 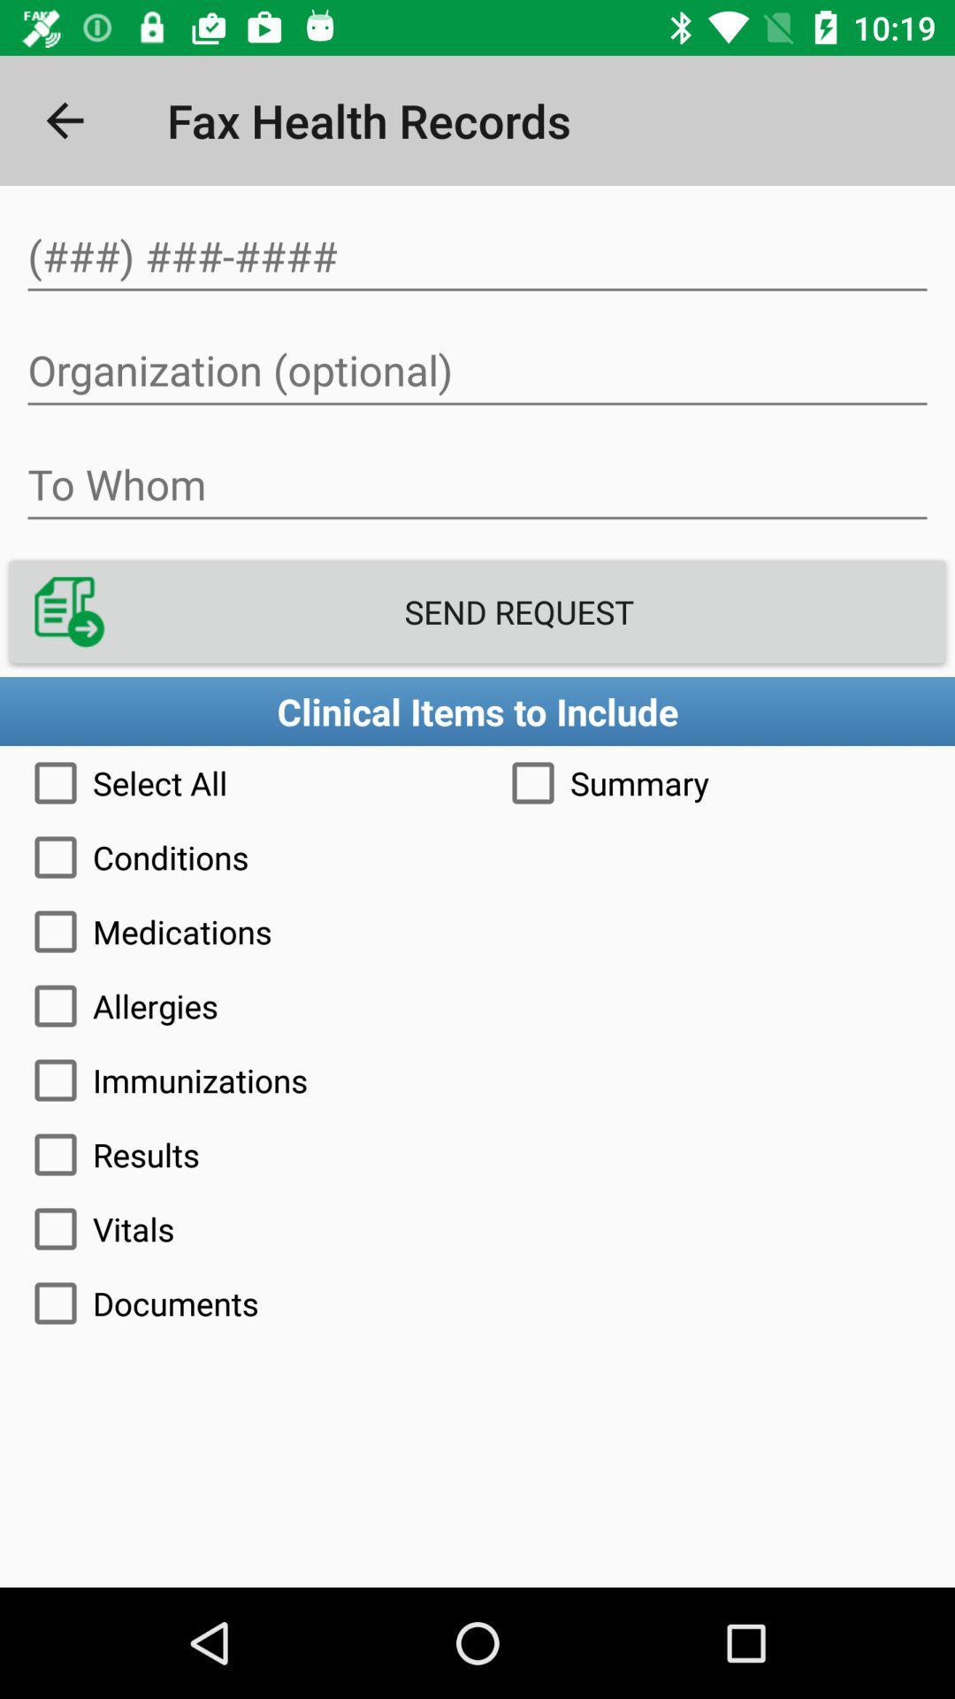 What do you see at coordinates (716, 781) in the screenshot?
I see `item below clinical items to icon` at bounding box center [716, 781].